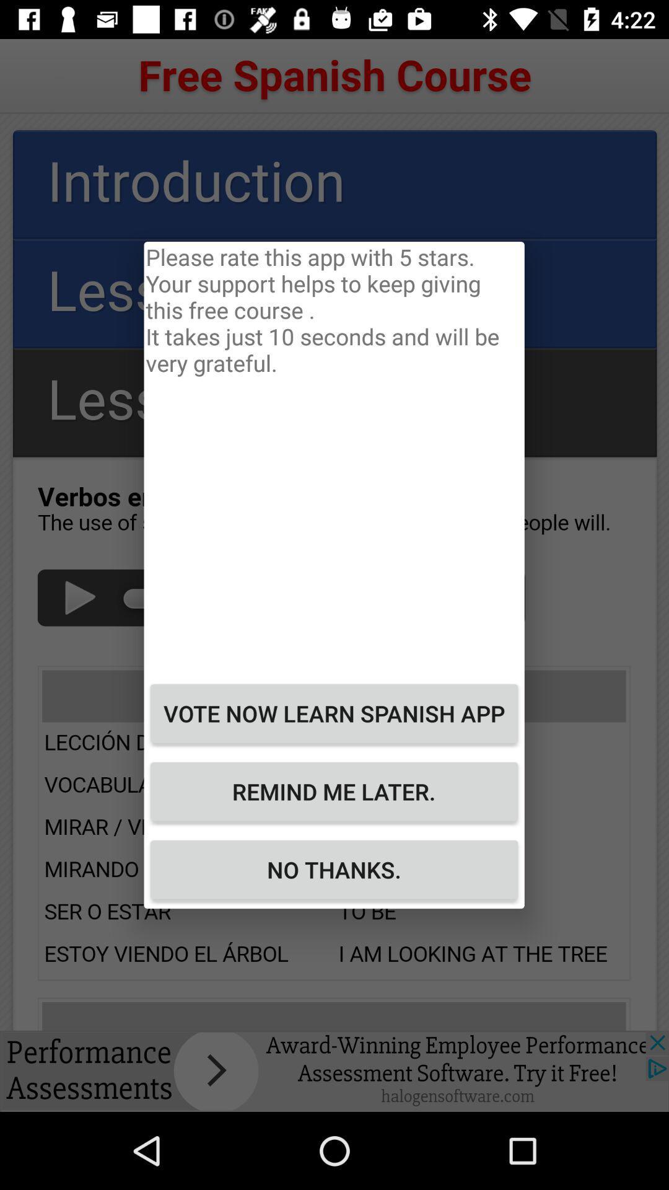 This screenshot has width=669, height=1190. I want to click on the button at the bottom, so click(333, 869).